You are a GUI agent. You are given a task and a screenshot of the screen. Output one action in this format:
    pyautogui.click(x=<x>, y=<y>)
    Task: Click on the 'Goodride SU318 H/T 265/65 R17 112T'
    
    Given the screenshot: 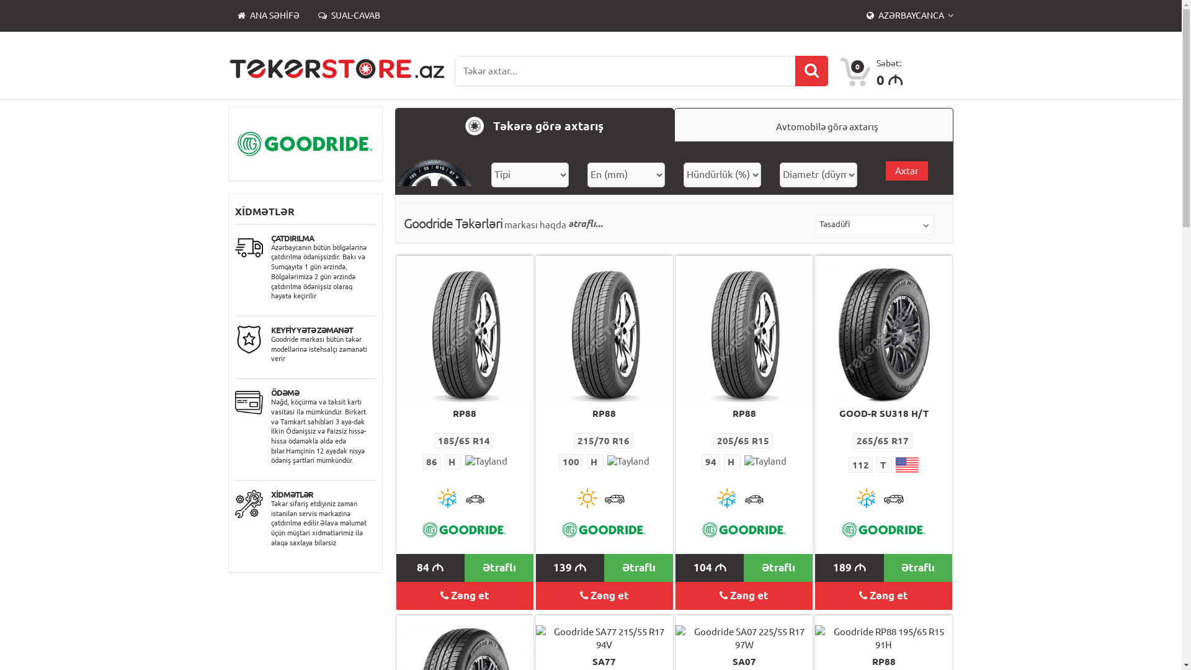 What is the action you would take?
    pyautogui.click(x=815, y=328)
    